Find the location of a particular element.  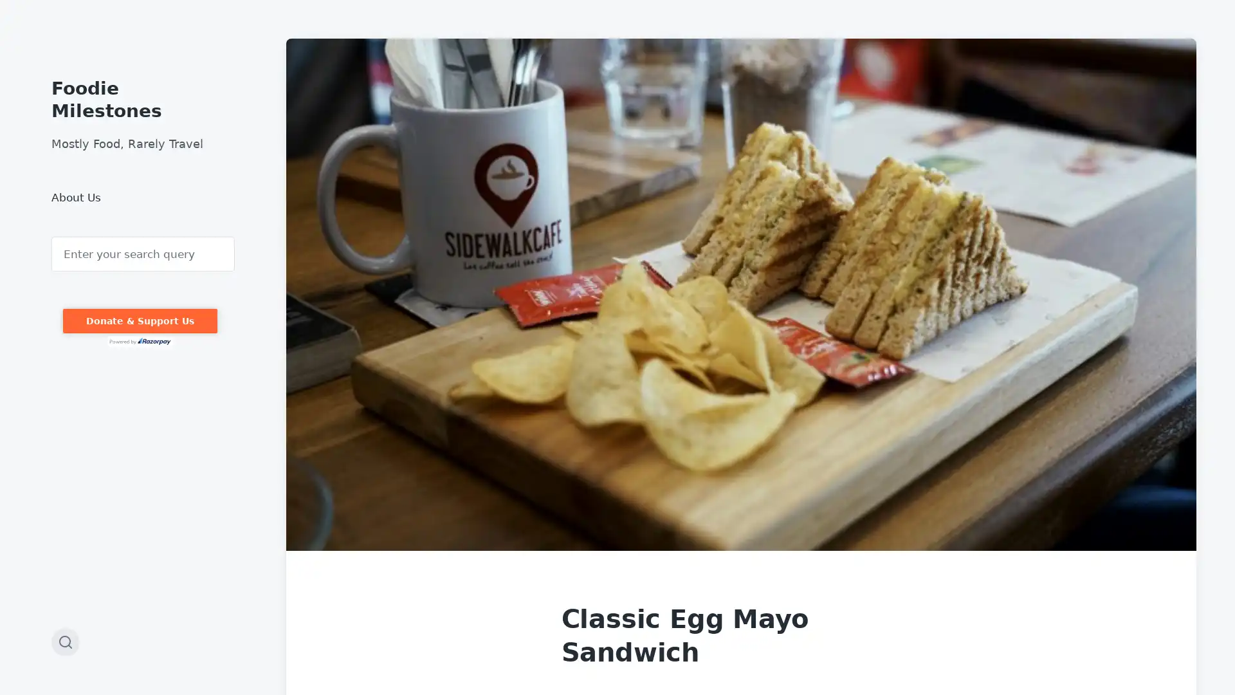

Toggle the search field is located at coordinates (64, 642).